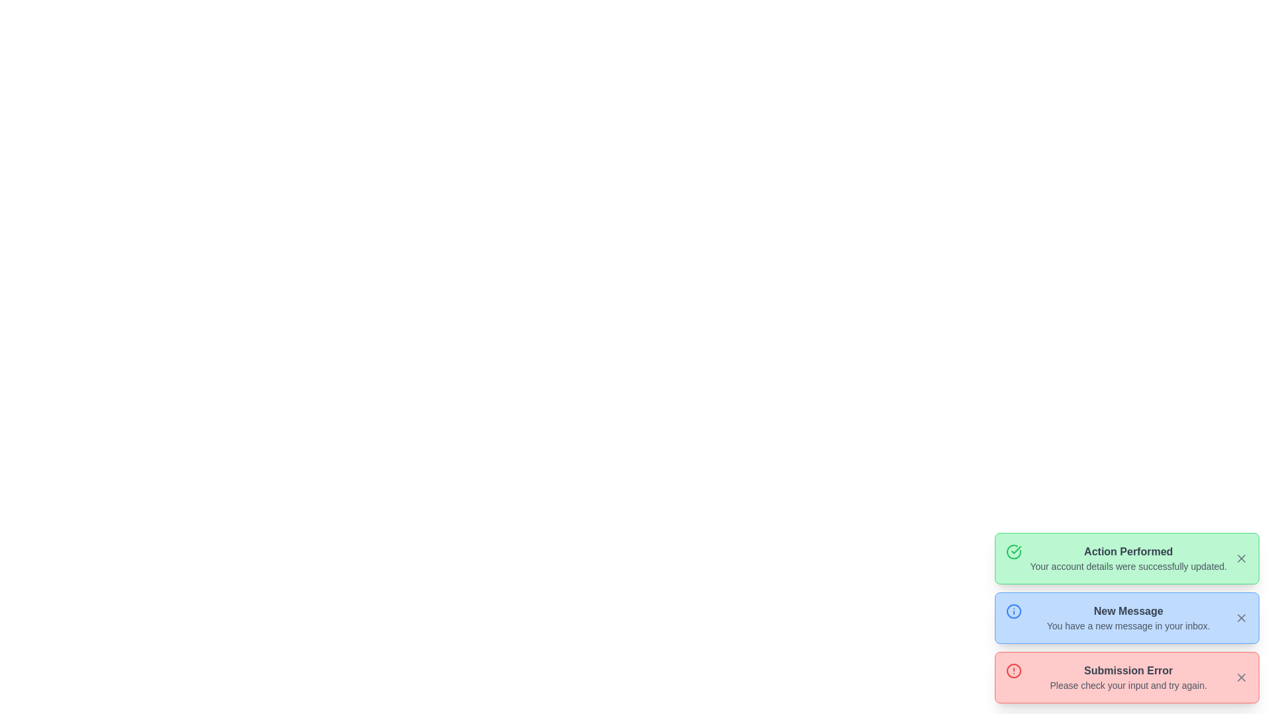  What do you see at coordinates (1126, 617) in the screenshot?
I see `notification text displayed in the informational notification box with the headline 'New Message' and additional information 'You have a new message in your inbox.'` at bounding box center [1126, 617].